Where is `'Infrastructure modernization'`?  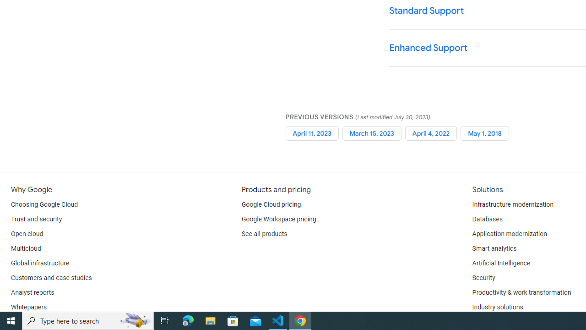
'Infrastructure modernization' is located at coordinates (513, 204).